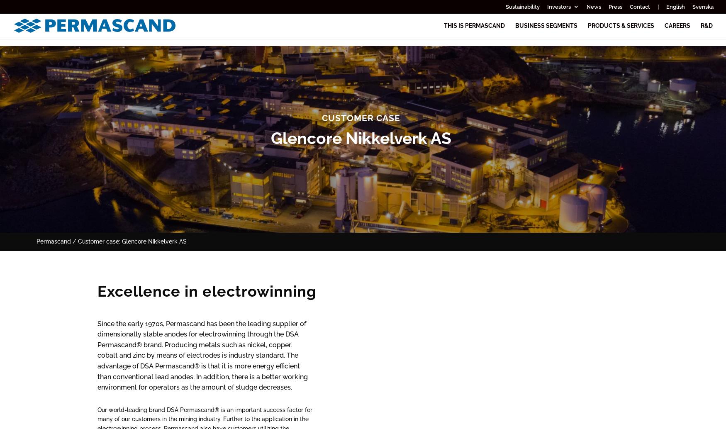 This screenshot has height=429, width=726. I want to click on '|', so click(658, 6).